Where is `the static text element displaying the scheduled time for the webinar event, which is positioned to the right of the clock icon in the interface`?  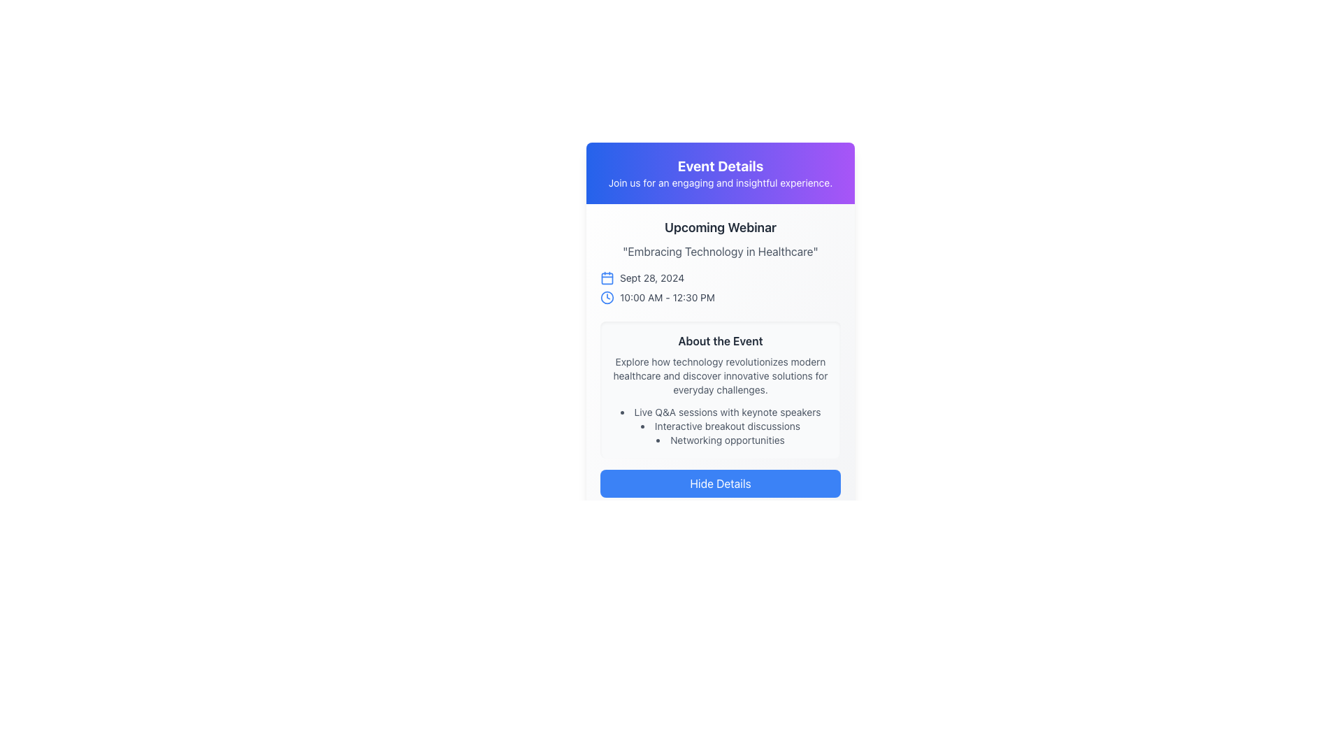 the static text element displaying the scheduled time for the webinar event, which is positioned to the right of the clock icon in the interface is located at coordinates (667, 296).